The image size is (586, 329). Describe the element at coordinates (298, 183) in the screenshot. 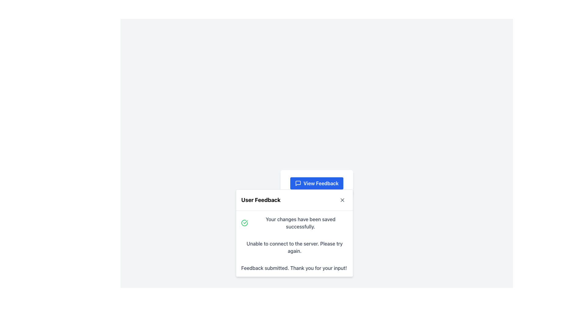

I see `the icon that visually represents the action 'View Feedback', located to the left side of the 'View Feedback' text on a blue background in the feedback dialog box` at that location.